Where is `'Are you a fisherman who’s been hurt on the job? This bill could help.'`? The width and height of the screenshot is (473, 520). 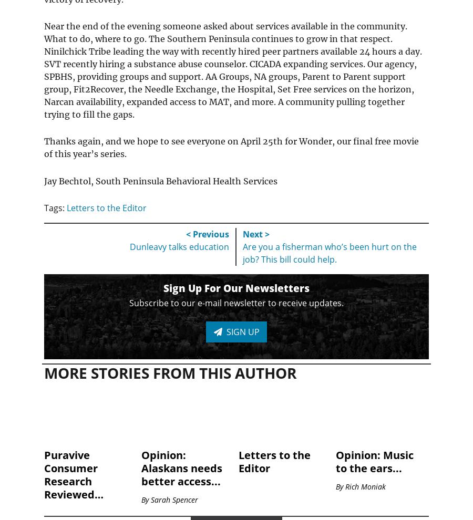 'Are you a fisherman who’s been hurt on the job? This bill could help.' is located at coordinates (330, 253).